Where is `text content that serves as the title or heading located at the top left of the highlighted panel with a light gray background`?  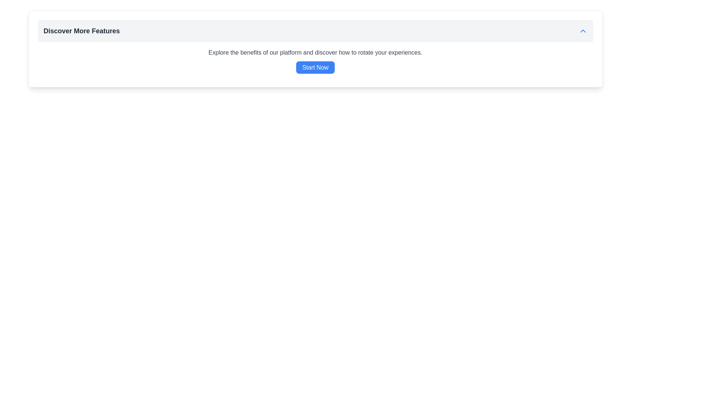
text content that serves as the title or heading located at the top left of the highlighted panel with a light gray background is located at coordinates (82, 31).